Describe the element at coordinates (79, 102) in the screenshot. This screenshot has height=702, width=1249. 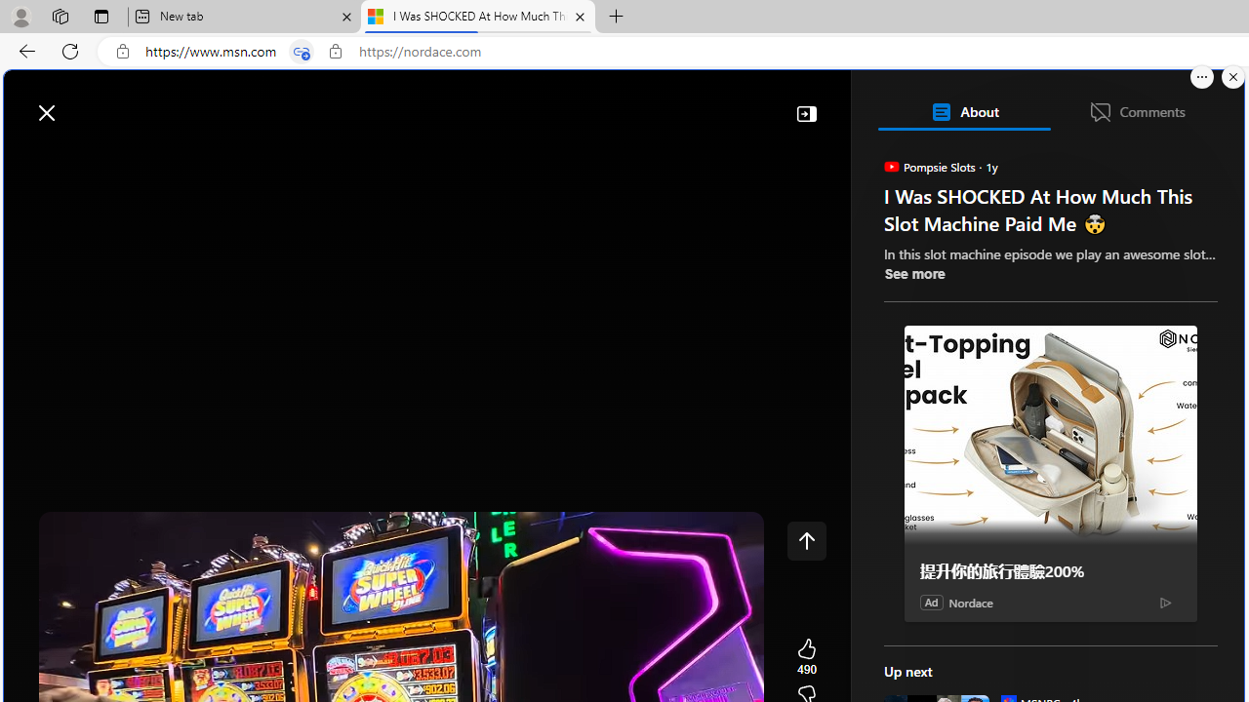
I see `'Skip to footer'` at that location.